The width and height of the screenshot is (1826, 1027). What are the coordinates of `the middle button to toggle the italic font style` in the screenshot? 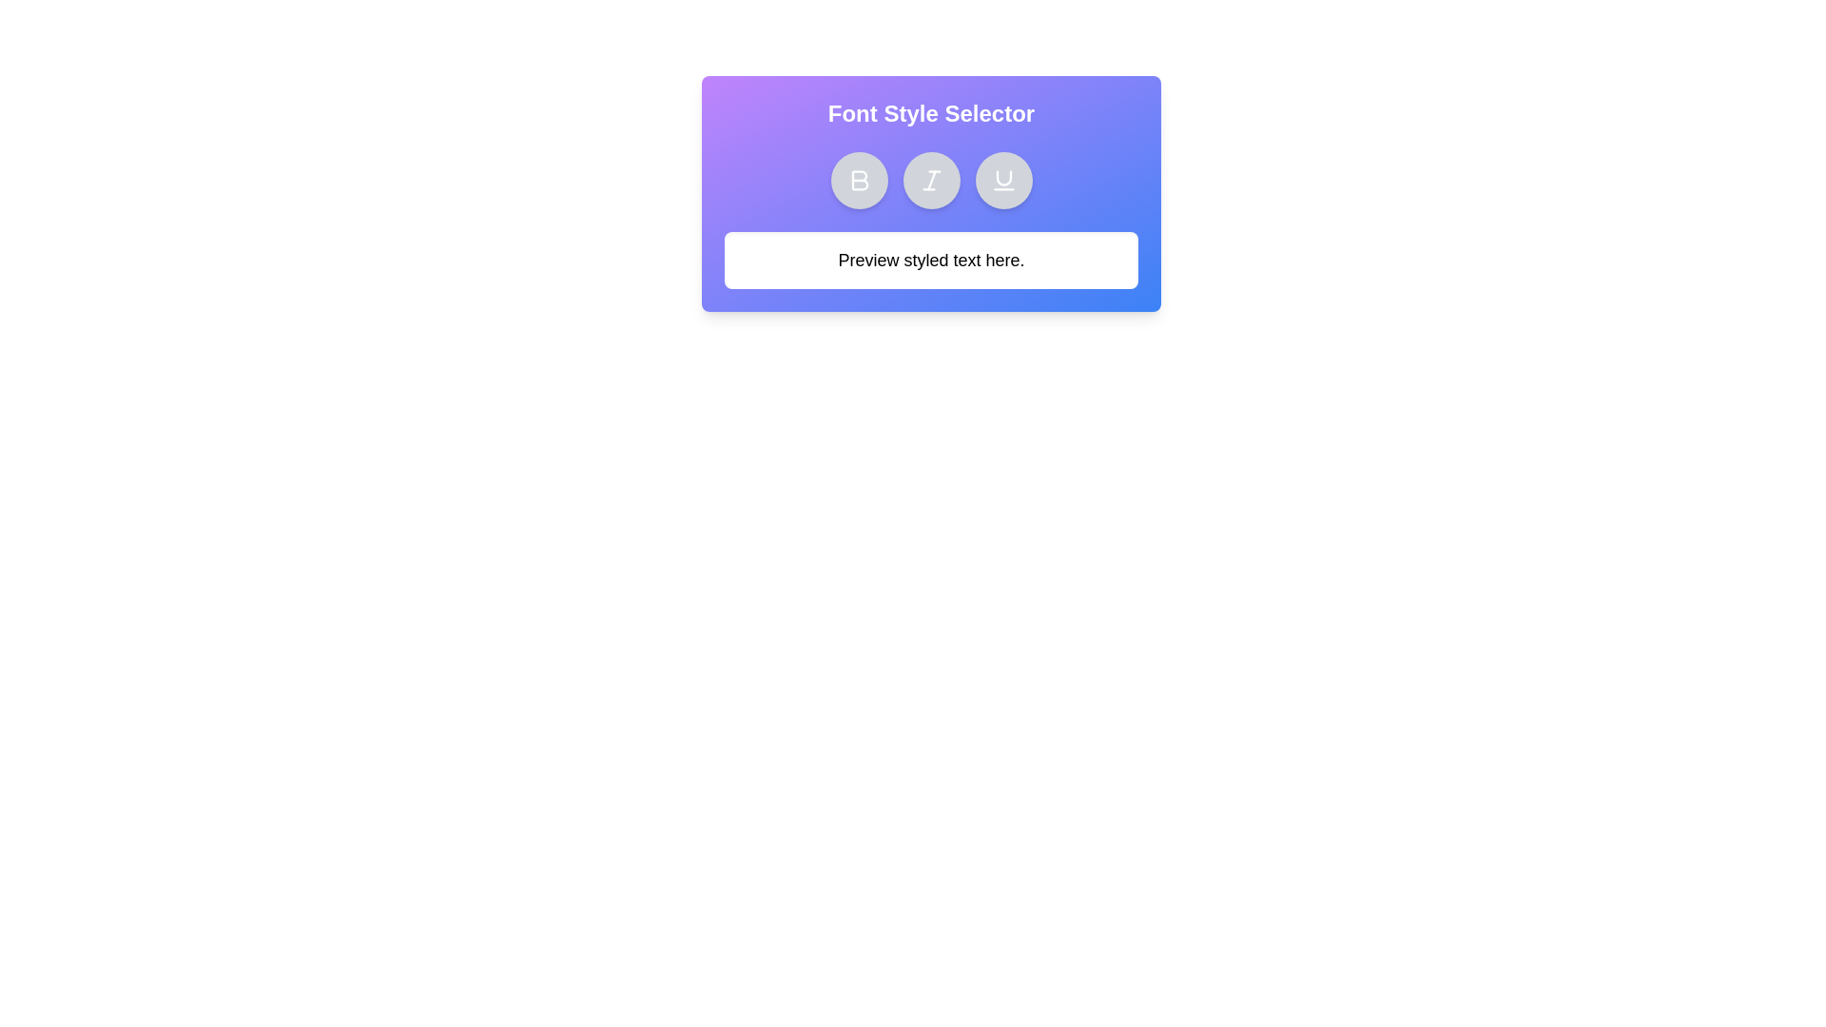 It's located at (931, 180).